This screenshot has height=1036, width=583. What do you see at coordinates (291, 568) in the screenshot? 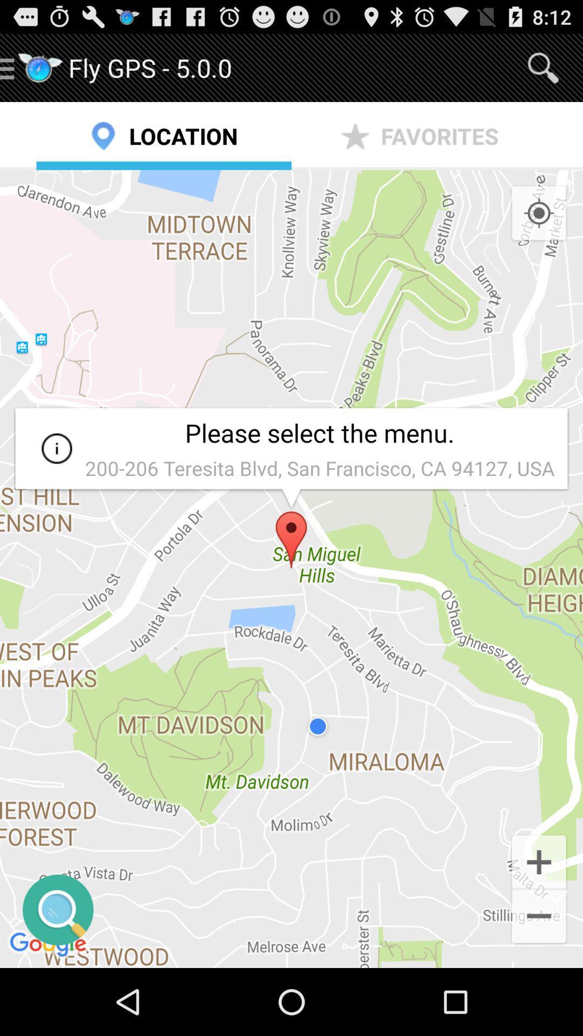
I see `app below the location item` at bounding box center [291, 568].